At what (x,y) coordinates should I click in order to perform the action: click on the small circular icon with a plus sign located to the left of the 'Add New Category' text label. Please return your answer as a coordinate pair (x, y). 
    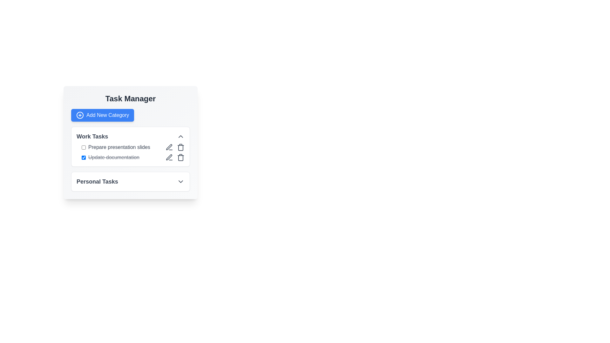
    Looking at the image, I should click on (80, 115).